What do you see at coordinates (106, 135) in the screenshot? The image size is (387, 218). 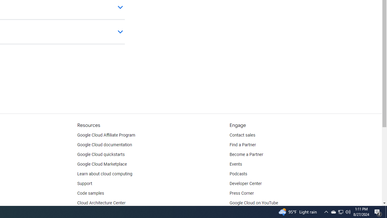 I see `'Google Cloud Affiliate Program'` at bounding box center [106, 135].